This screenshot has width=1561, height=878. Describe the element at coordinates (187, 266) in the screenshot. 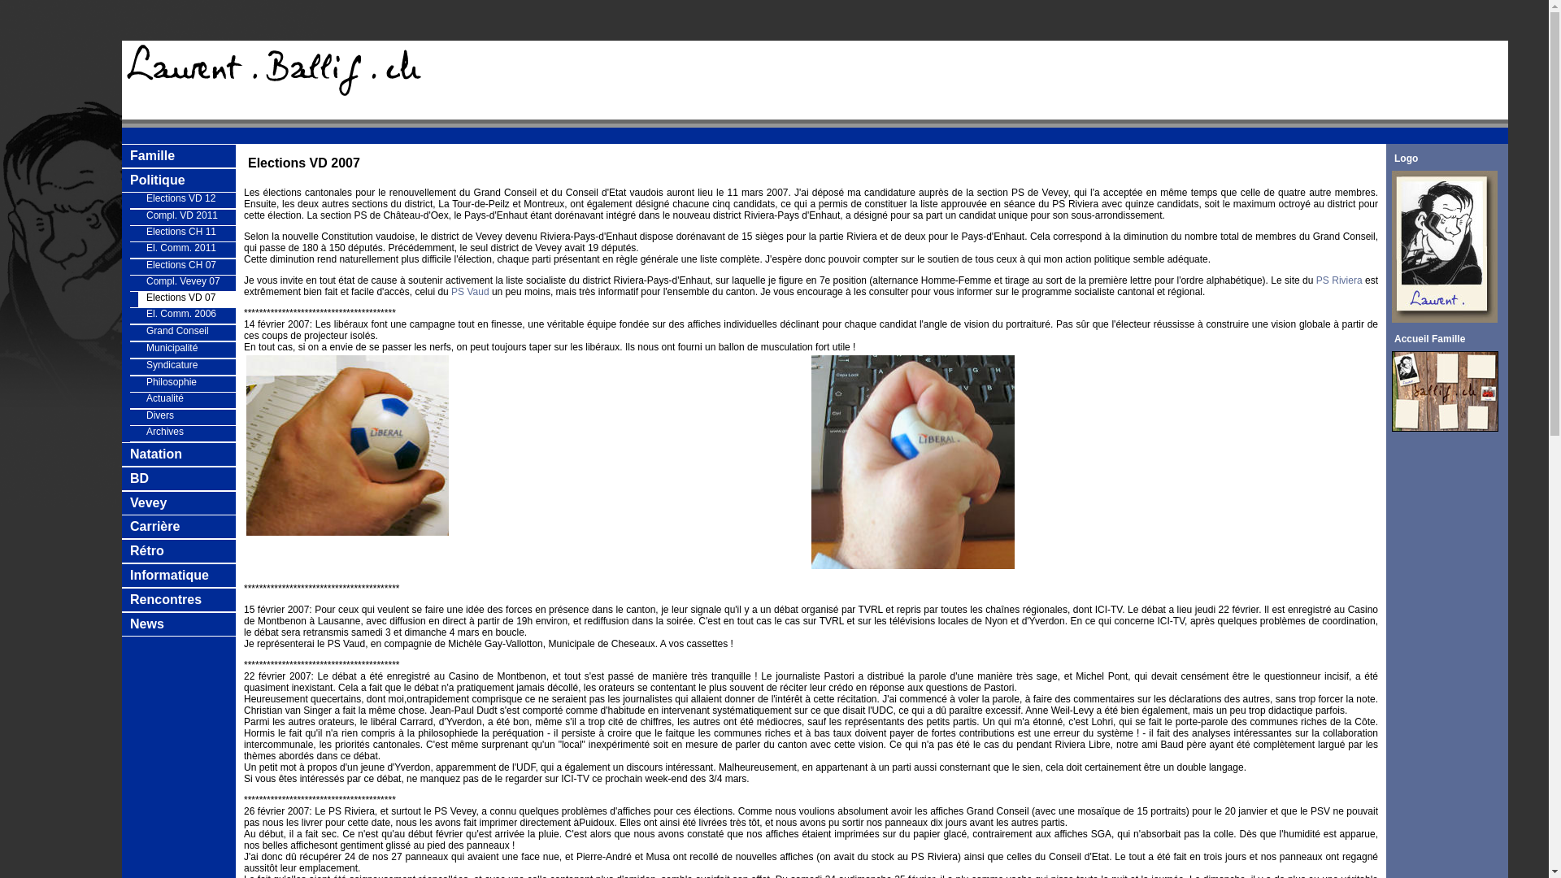

I see `'Elections CH 07'` at that location.